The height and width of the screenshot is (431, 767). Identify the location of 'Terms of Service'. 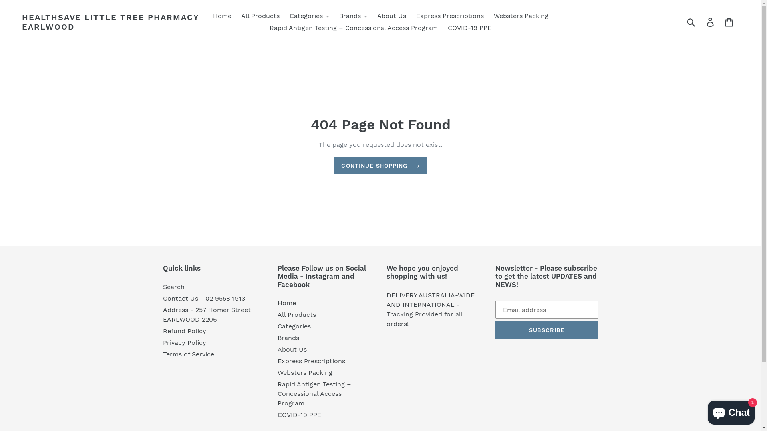
(188, 354).